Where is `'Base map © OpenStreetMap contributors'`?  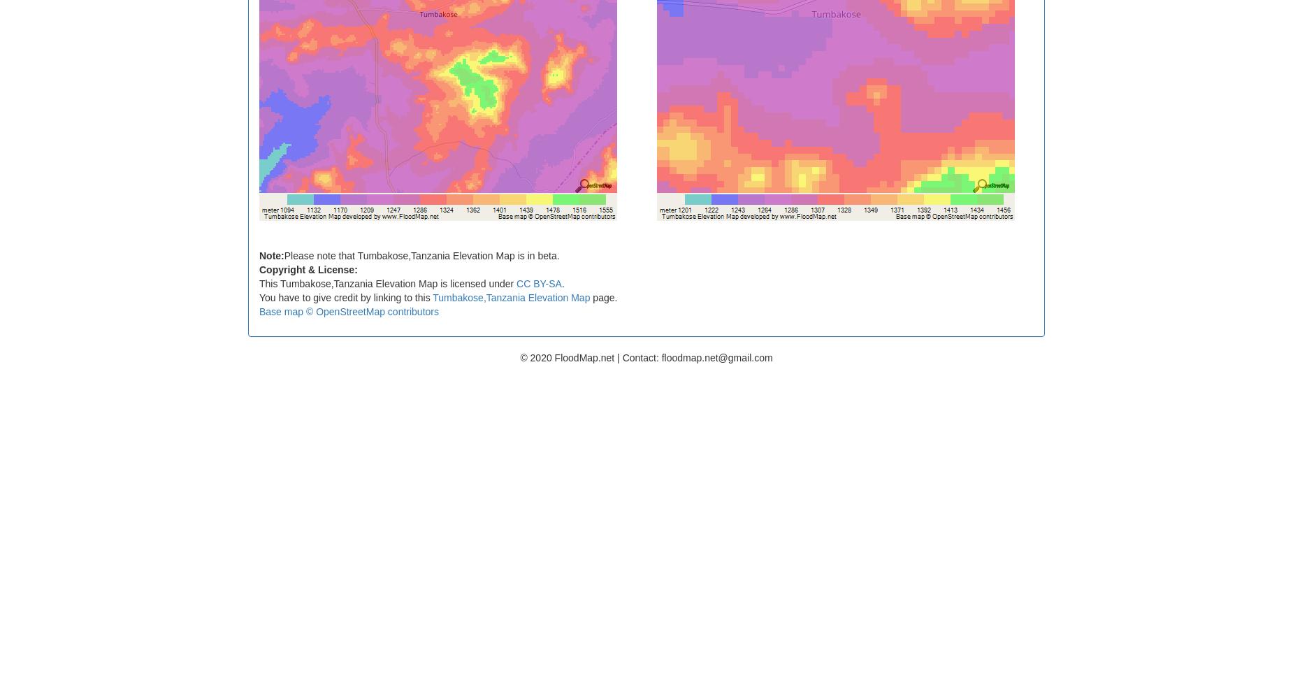 'Base map © OpenStreetMap contributors' is located at coordinates (349, 310).